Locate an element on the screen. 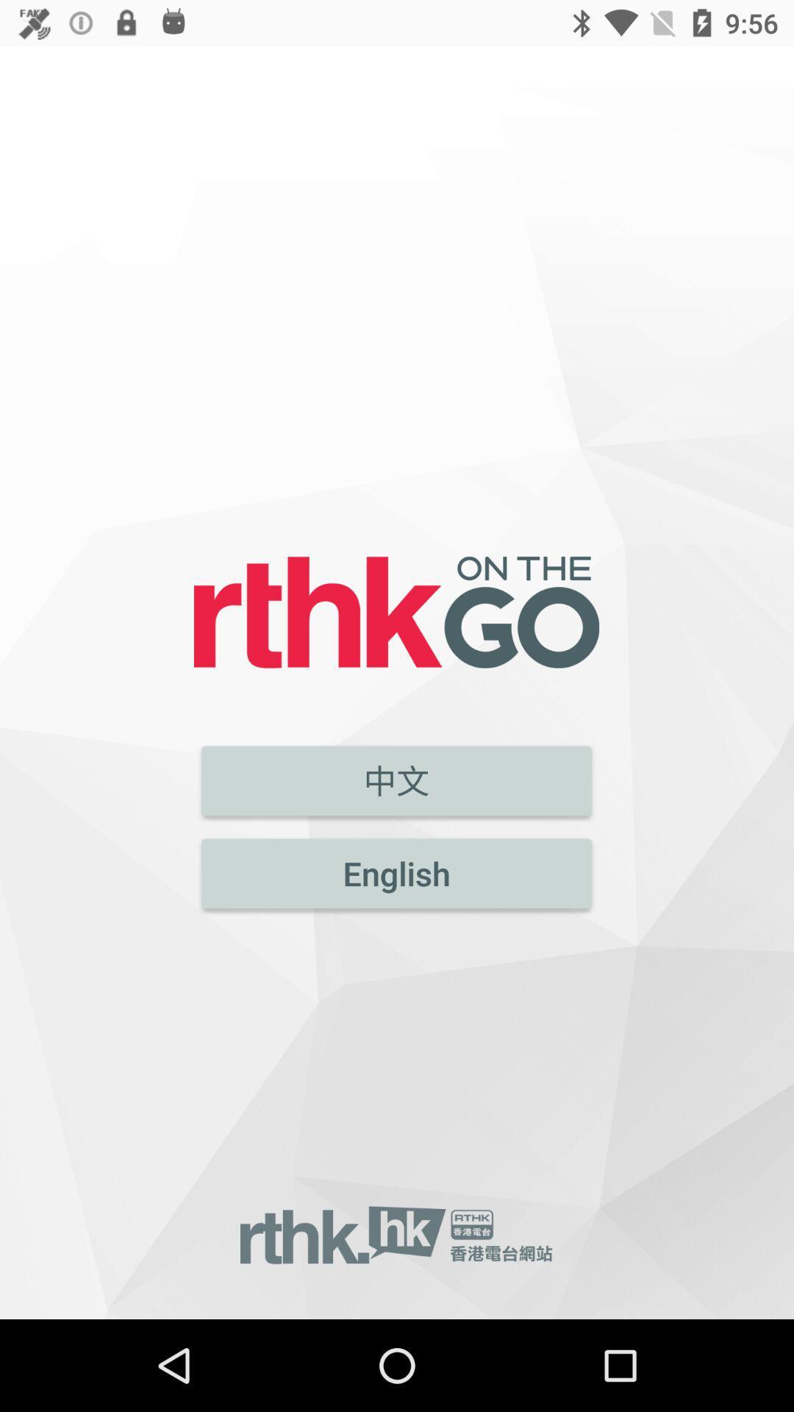 The image size is (794, 1412). english icon is located at coordinates (396, 874).